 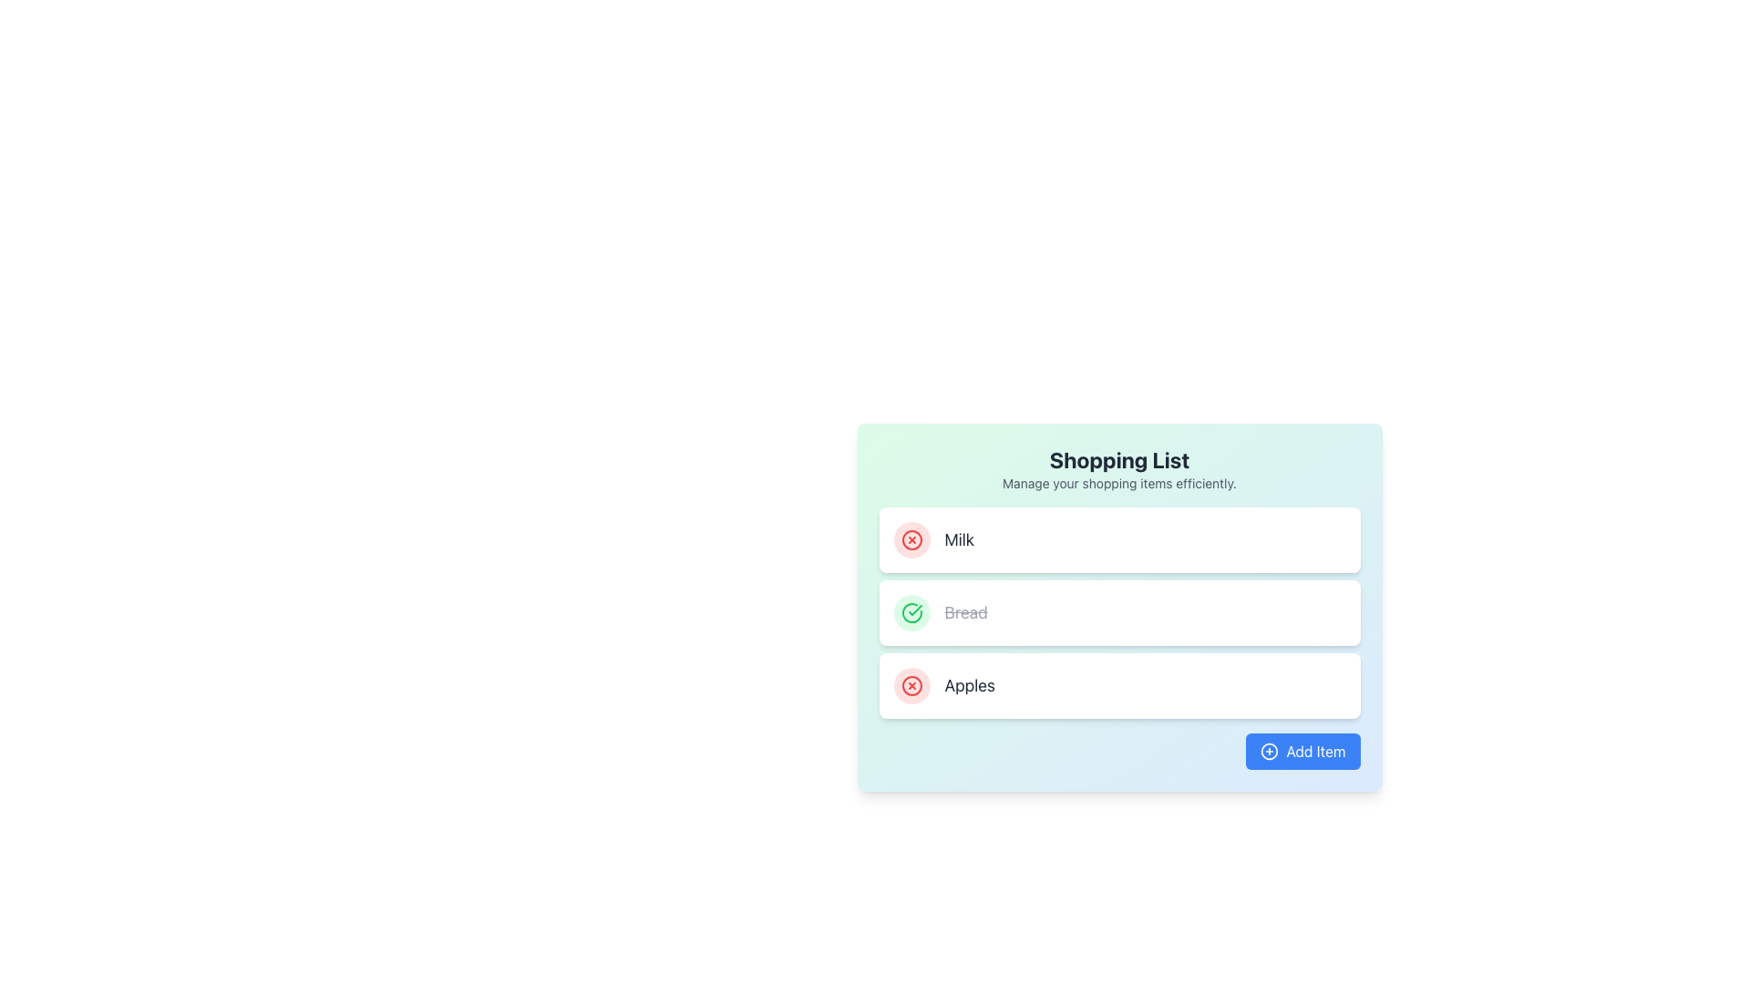 What do you see at coordinates (911, 539) in the screenshot?
I see `the SVG Circle Element that represents part of an icon associated with a status or label in the 'Shopping List' interface, positioned to the left of the 'Milk' label` at bounding box center [911, 539].